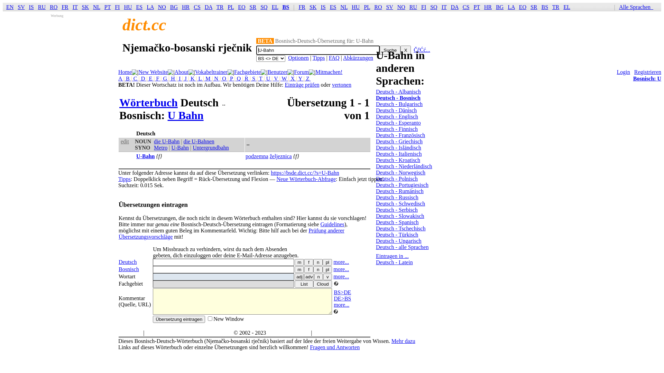 The width and height of the screenshot is (664, 373). Describe the element at coordinates (398, 91) in the screenshot. I see `'Deutsch - Albanisch'` at that location.